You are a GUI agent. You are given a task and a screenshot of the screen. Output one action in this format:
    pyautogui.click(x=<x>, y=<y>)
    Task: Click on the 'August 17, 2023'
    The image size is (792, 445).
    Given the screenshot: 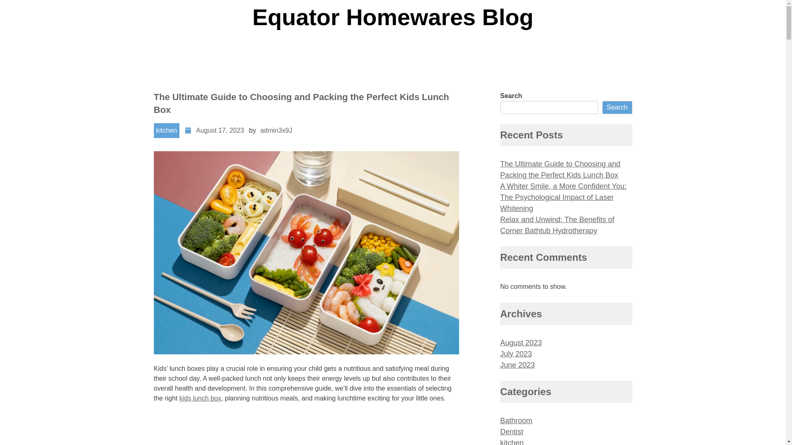 What is the action you would take?
    pyautogui.click(x=220, y=130)
    